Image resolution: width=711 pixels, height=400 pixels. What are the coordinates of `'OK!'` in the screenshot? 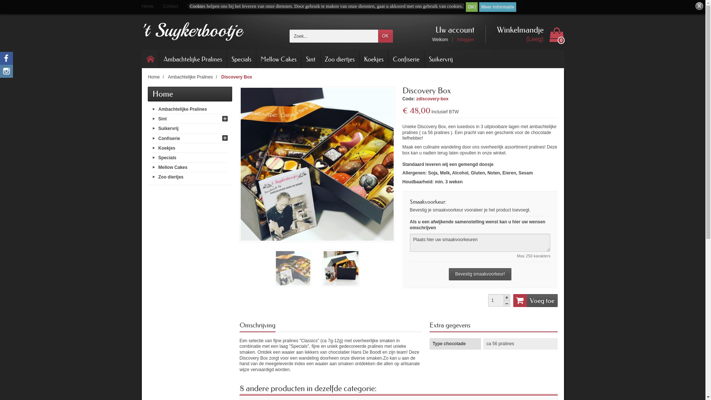 It's located at (471, 7).